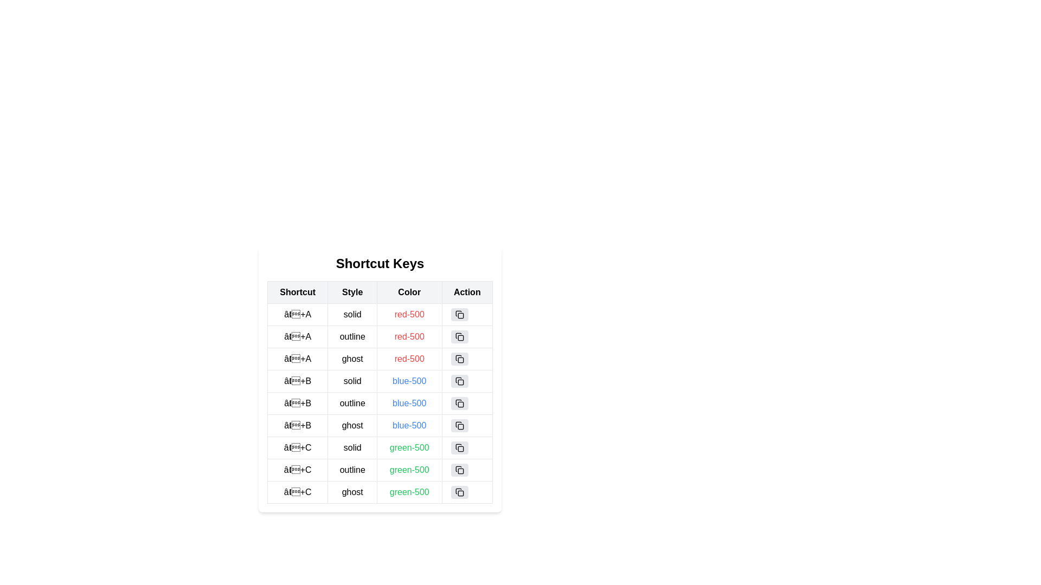 This screenshot has height=585, width=1041. I want to click on the text label displaying 'green-500' which is styled in green and is part of the 'Color' column in the 'solid' row of the table, so click(409, 447).